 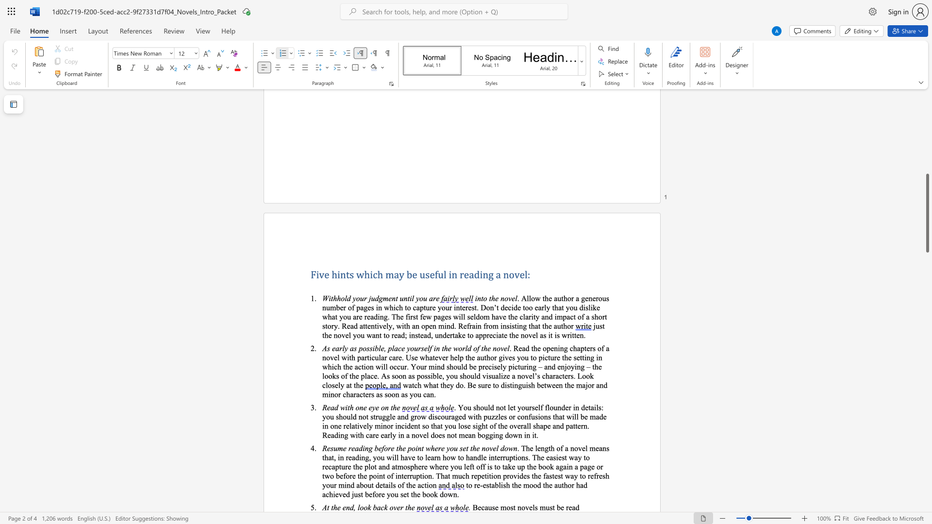 What do you see at coordinates (351, 507) in the screenshot?
I see `the 1th character "d" in the text` at bounding box center [351, 507].